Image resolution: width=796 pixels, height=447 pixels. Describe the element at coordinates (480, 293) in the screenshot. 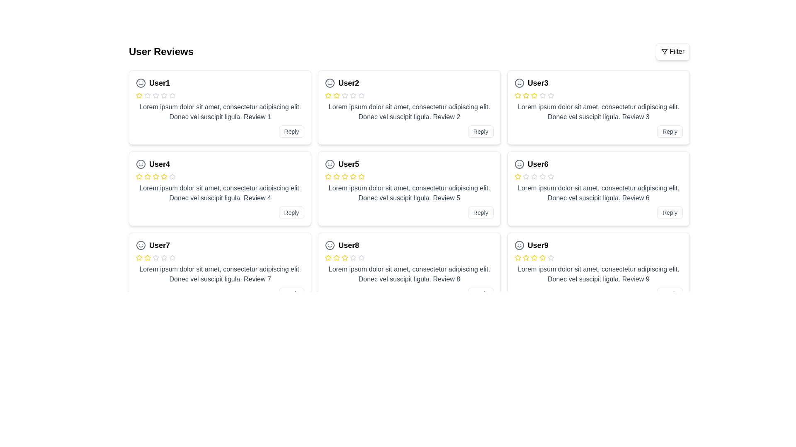

I see `the 'Reply' button located in the bottom-right corner of the User8 review card to initiate a reply action` at that location.